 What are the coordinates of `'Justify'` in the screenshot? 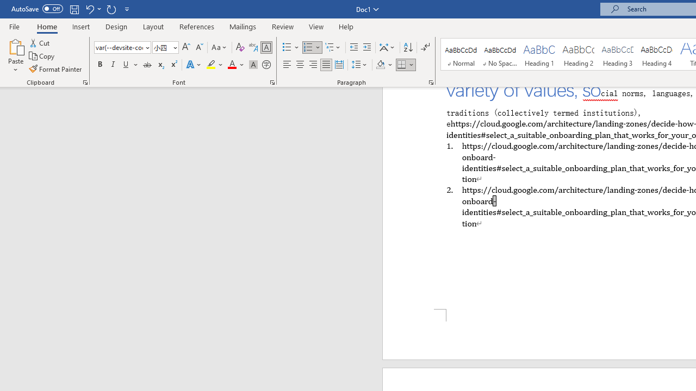 It's located at (325, 65).